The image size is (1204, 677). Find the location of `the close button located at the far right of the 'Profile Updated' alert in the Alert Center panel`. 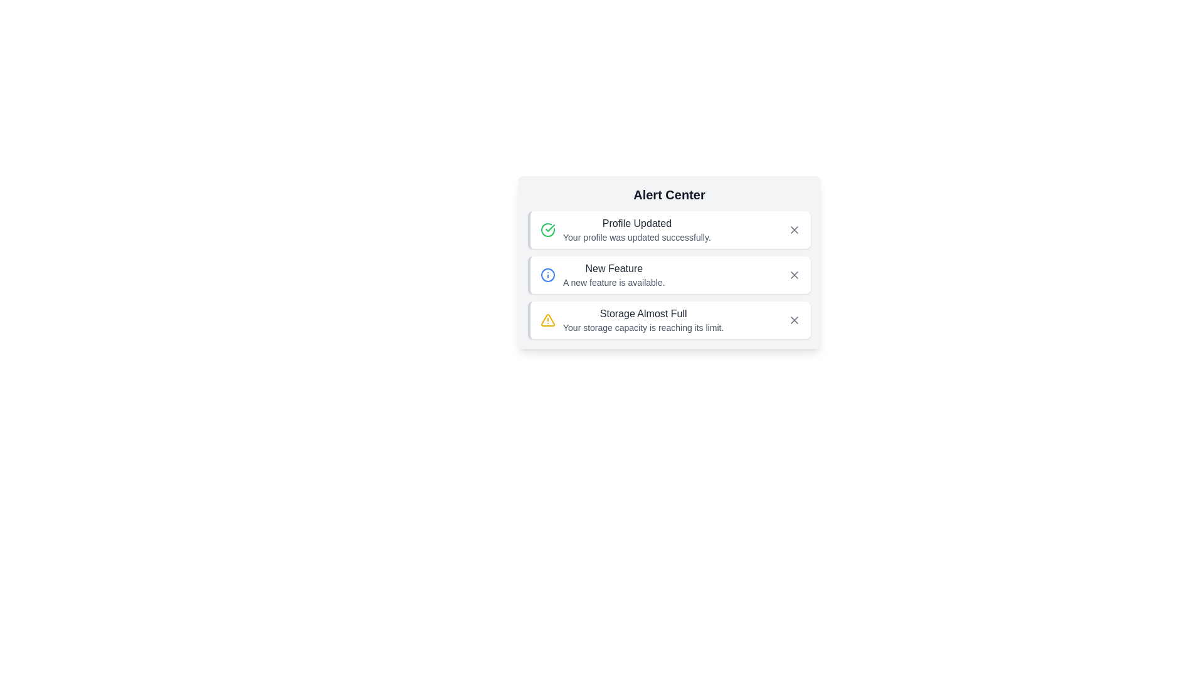

the close button located at the far right of the 'Profile Updated' alert in the Alert Center panel is located at coordinates (794, 229).